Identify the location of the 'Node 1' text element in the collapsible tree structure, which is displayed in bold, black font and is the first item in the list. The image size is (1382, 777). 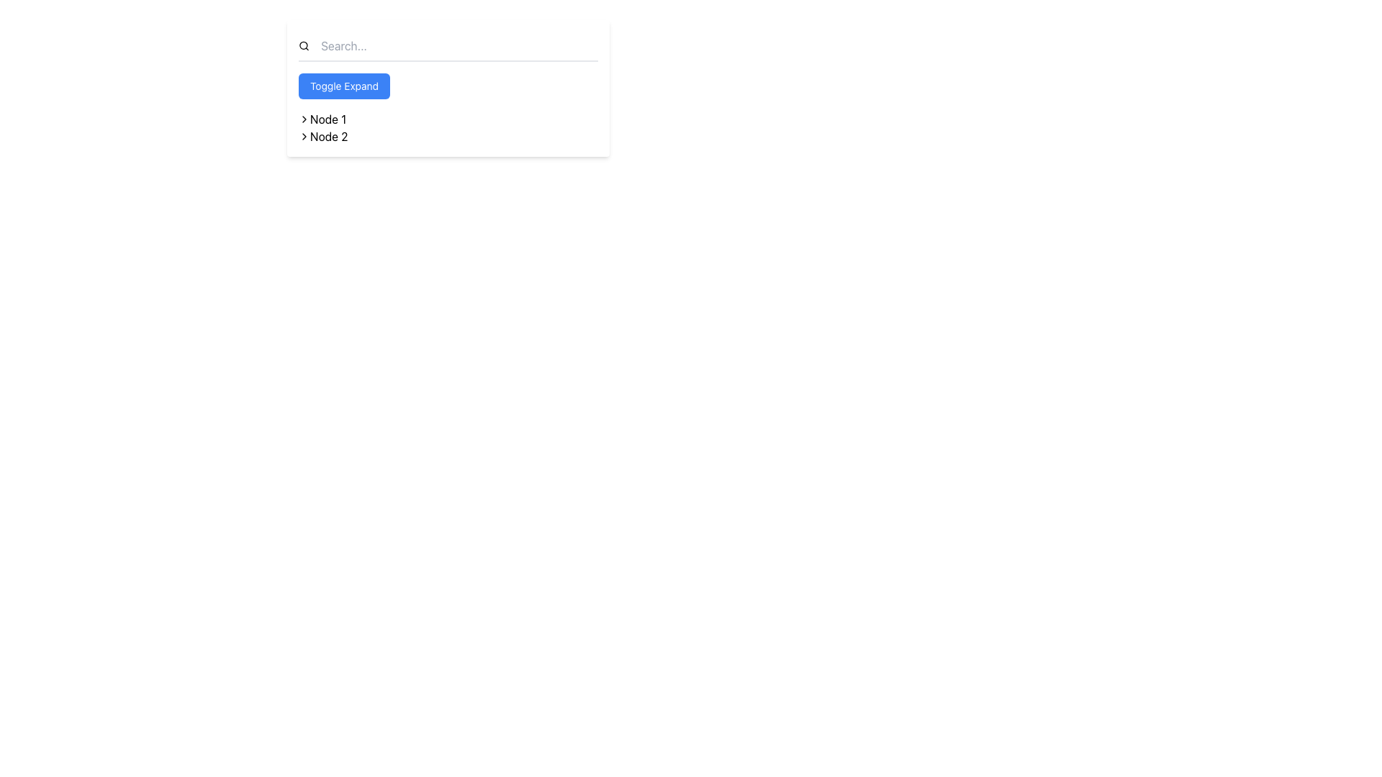
(328, 118).